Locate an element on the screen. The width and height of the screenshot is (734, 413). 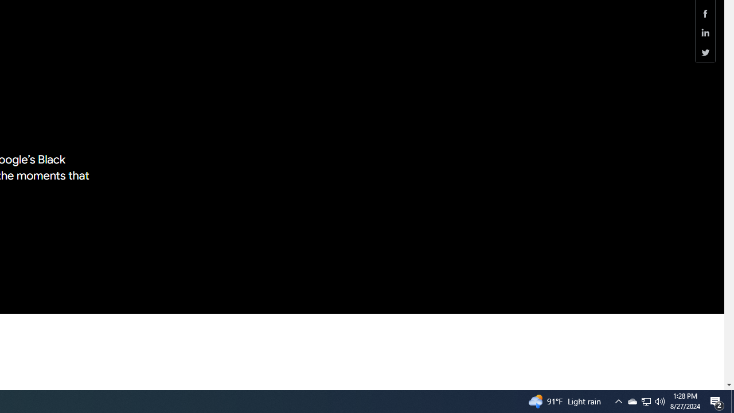
'Share this page (LinkedIn)' is located at coordinates (705, 32).